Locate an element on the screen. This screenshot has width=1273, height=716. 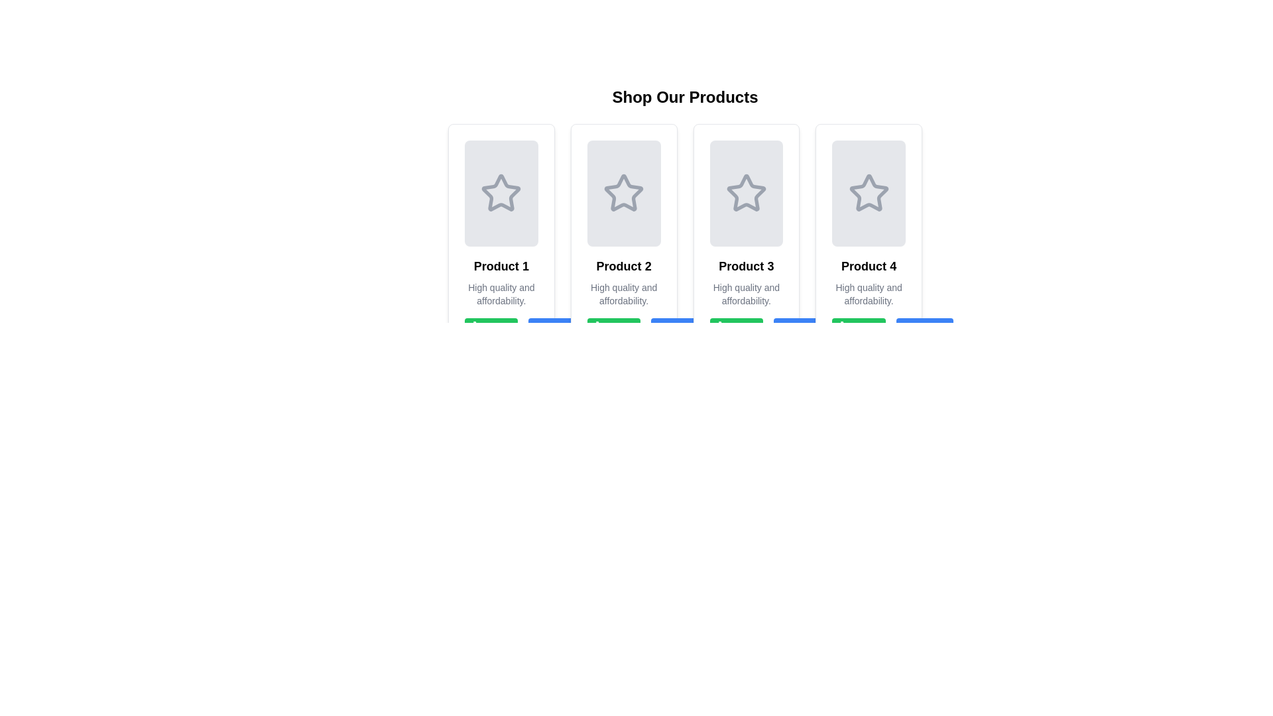
the Text Header element that serves as a descriptive title for the section above the product list is located at coordinates (685, 96).